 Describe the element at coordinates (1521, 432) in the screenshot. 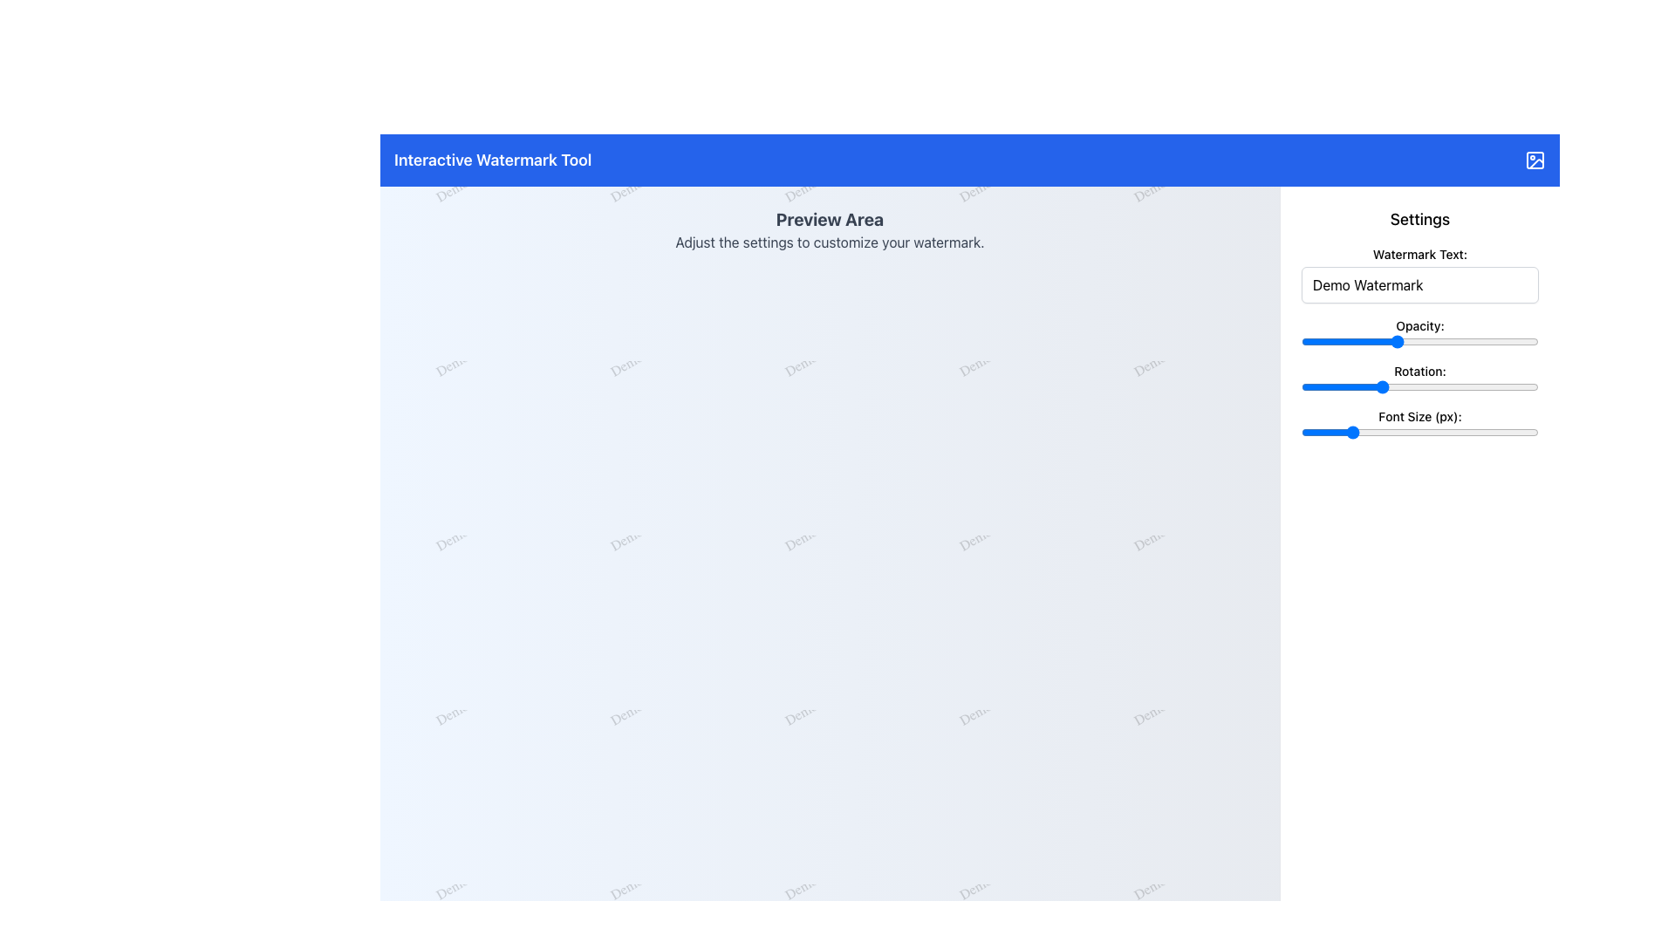

I see `font size` at that location.